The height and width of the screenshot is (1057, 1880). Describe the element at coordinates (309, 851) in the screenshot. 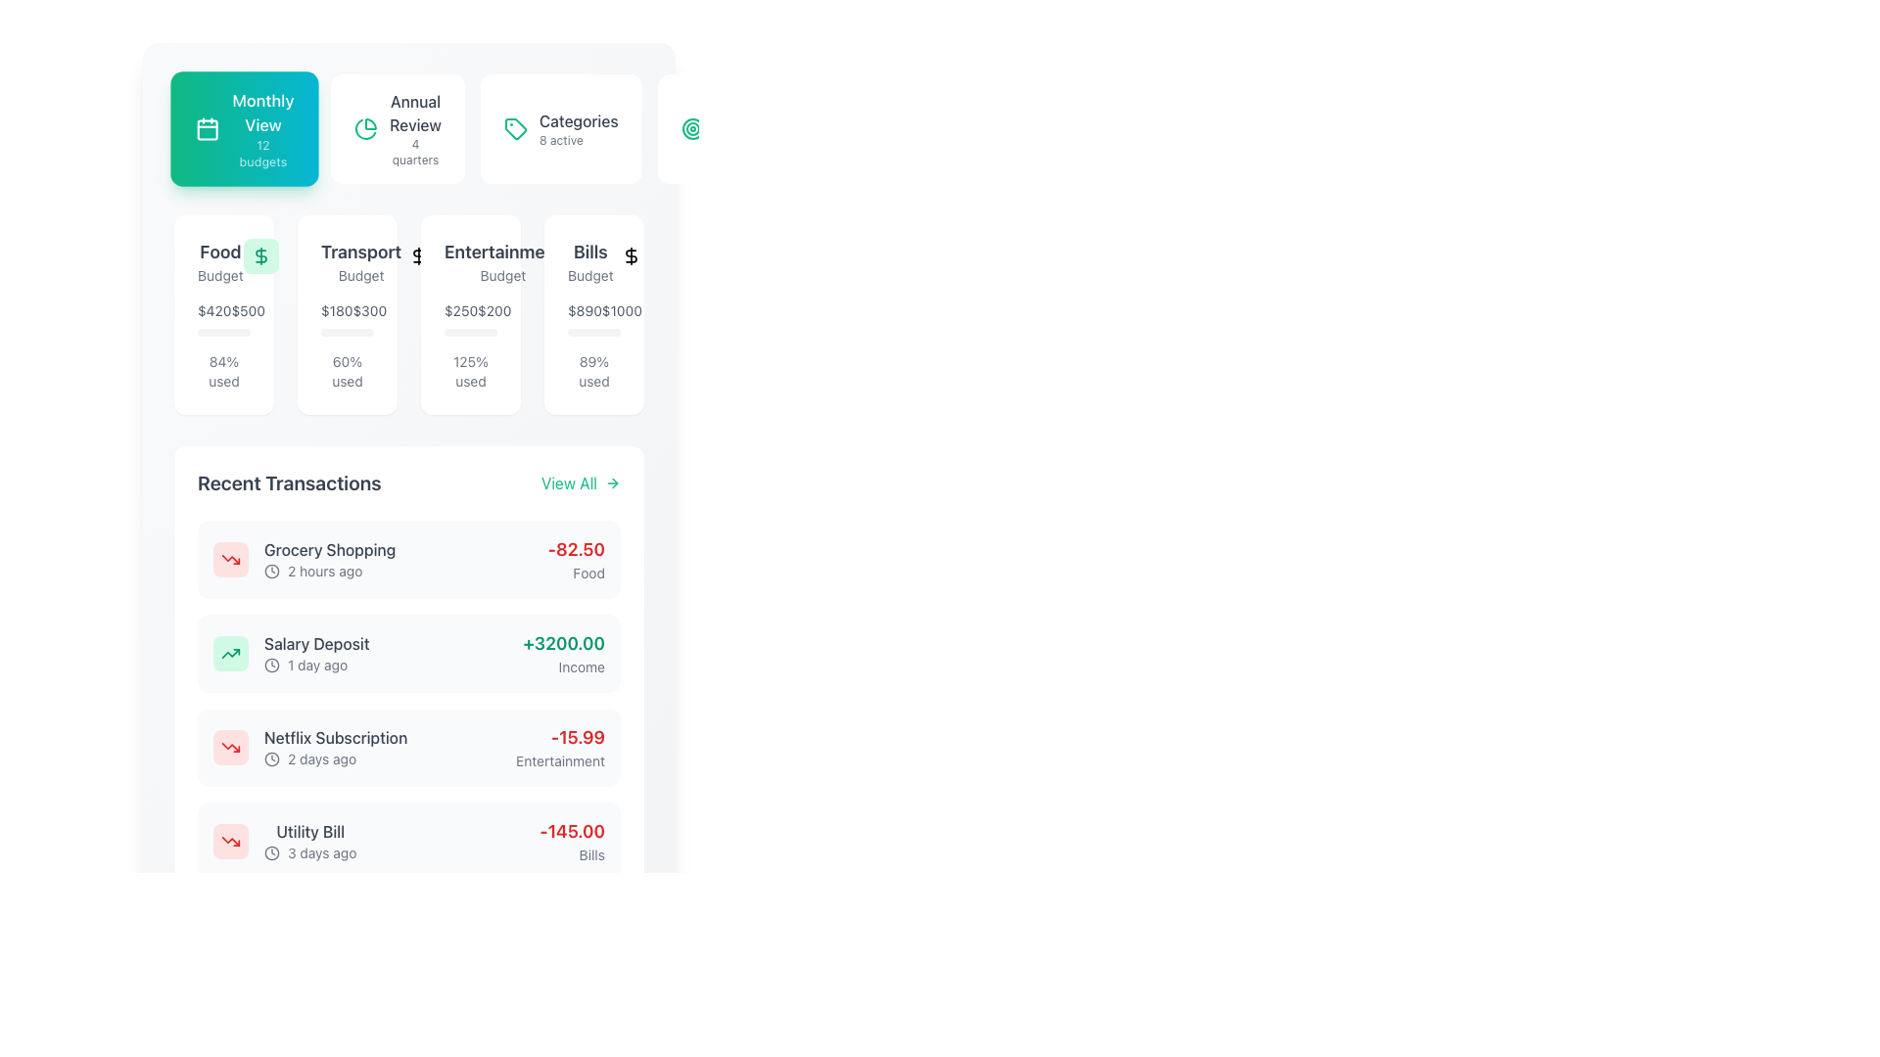

I see `text of the label with the clock icon that indicates the time passed since the 'Utility Bill' transaction, located in the fourth row of the 'Recent Transactions' list` at that location.